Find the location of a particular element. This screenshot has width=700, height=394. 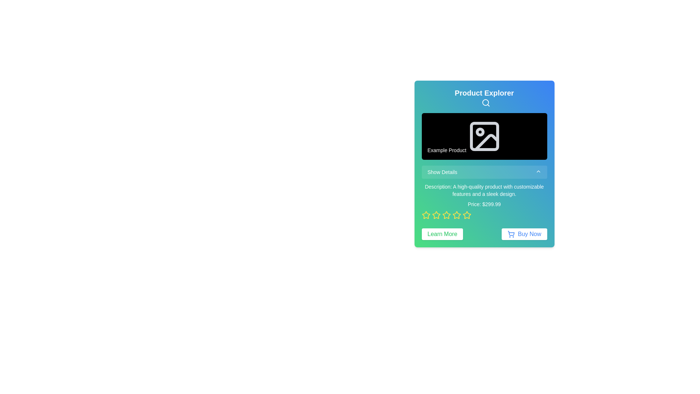

the third star-shaped button in the rating widget, which has a yellow outline and a green background is located at coordinates (446, 215).